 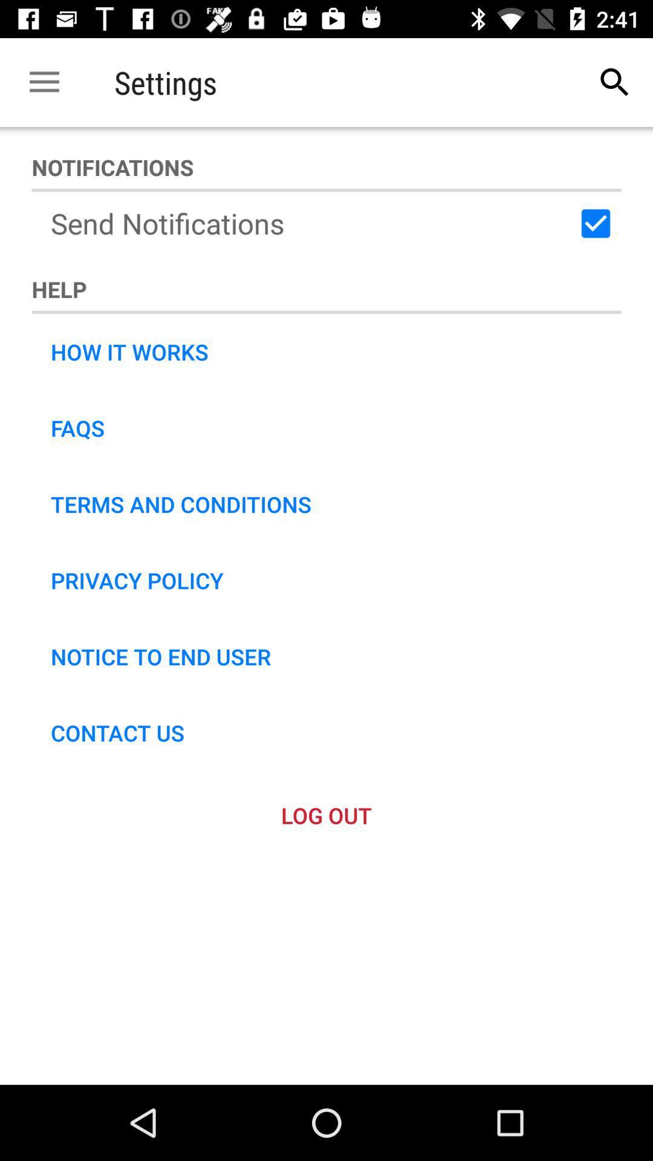 What do you see at coordinates (44, 82) in the screenshot?
I see `the icon to the left of the settings icon` at bounding box center [44, 82].